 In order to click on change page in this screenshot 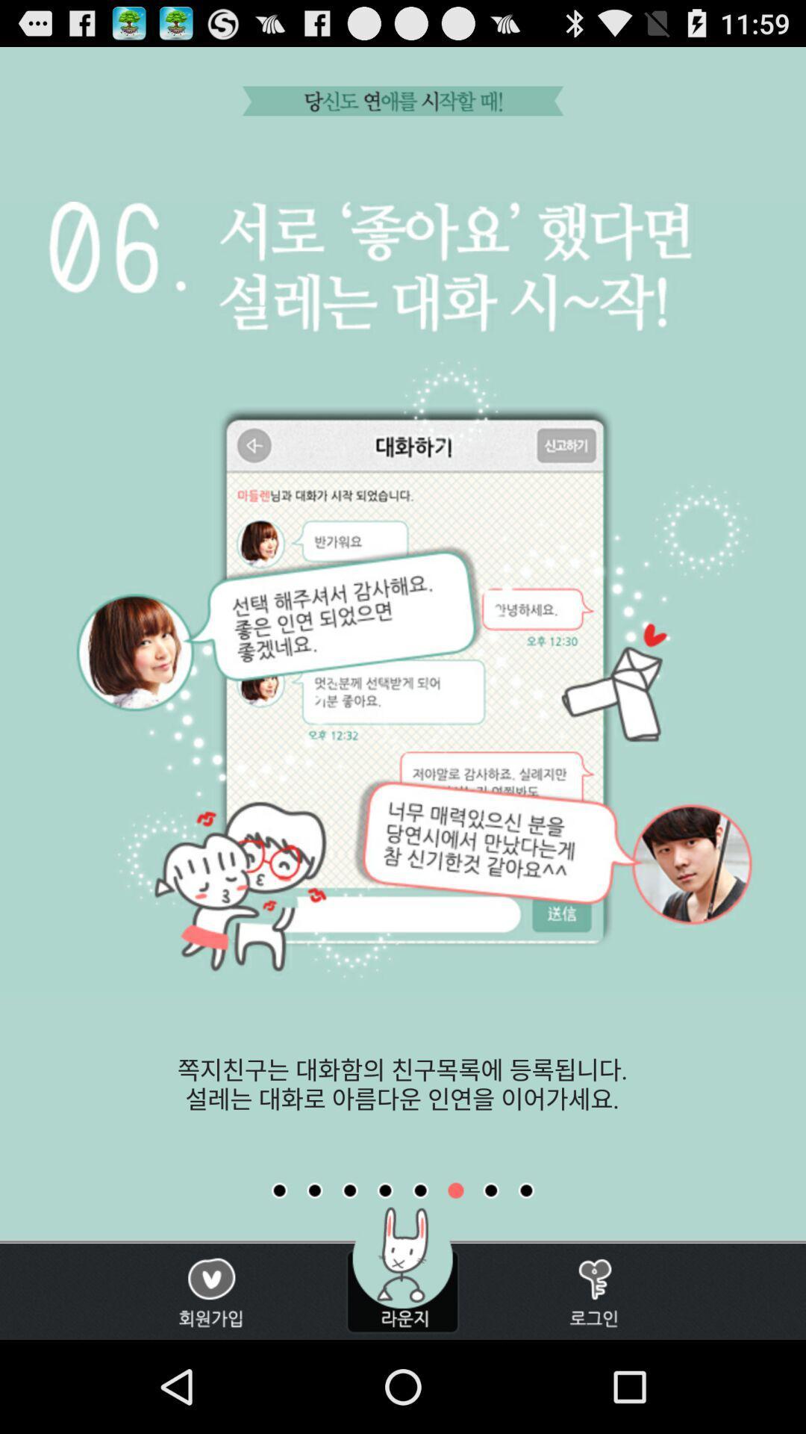, I will do `click(350, 1190)`.